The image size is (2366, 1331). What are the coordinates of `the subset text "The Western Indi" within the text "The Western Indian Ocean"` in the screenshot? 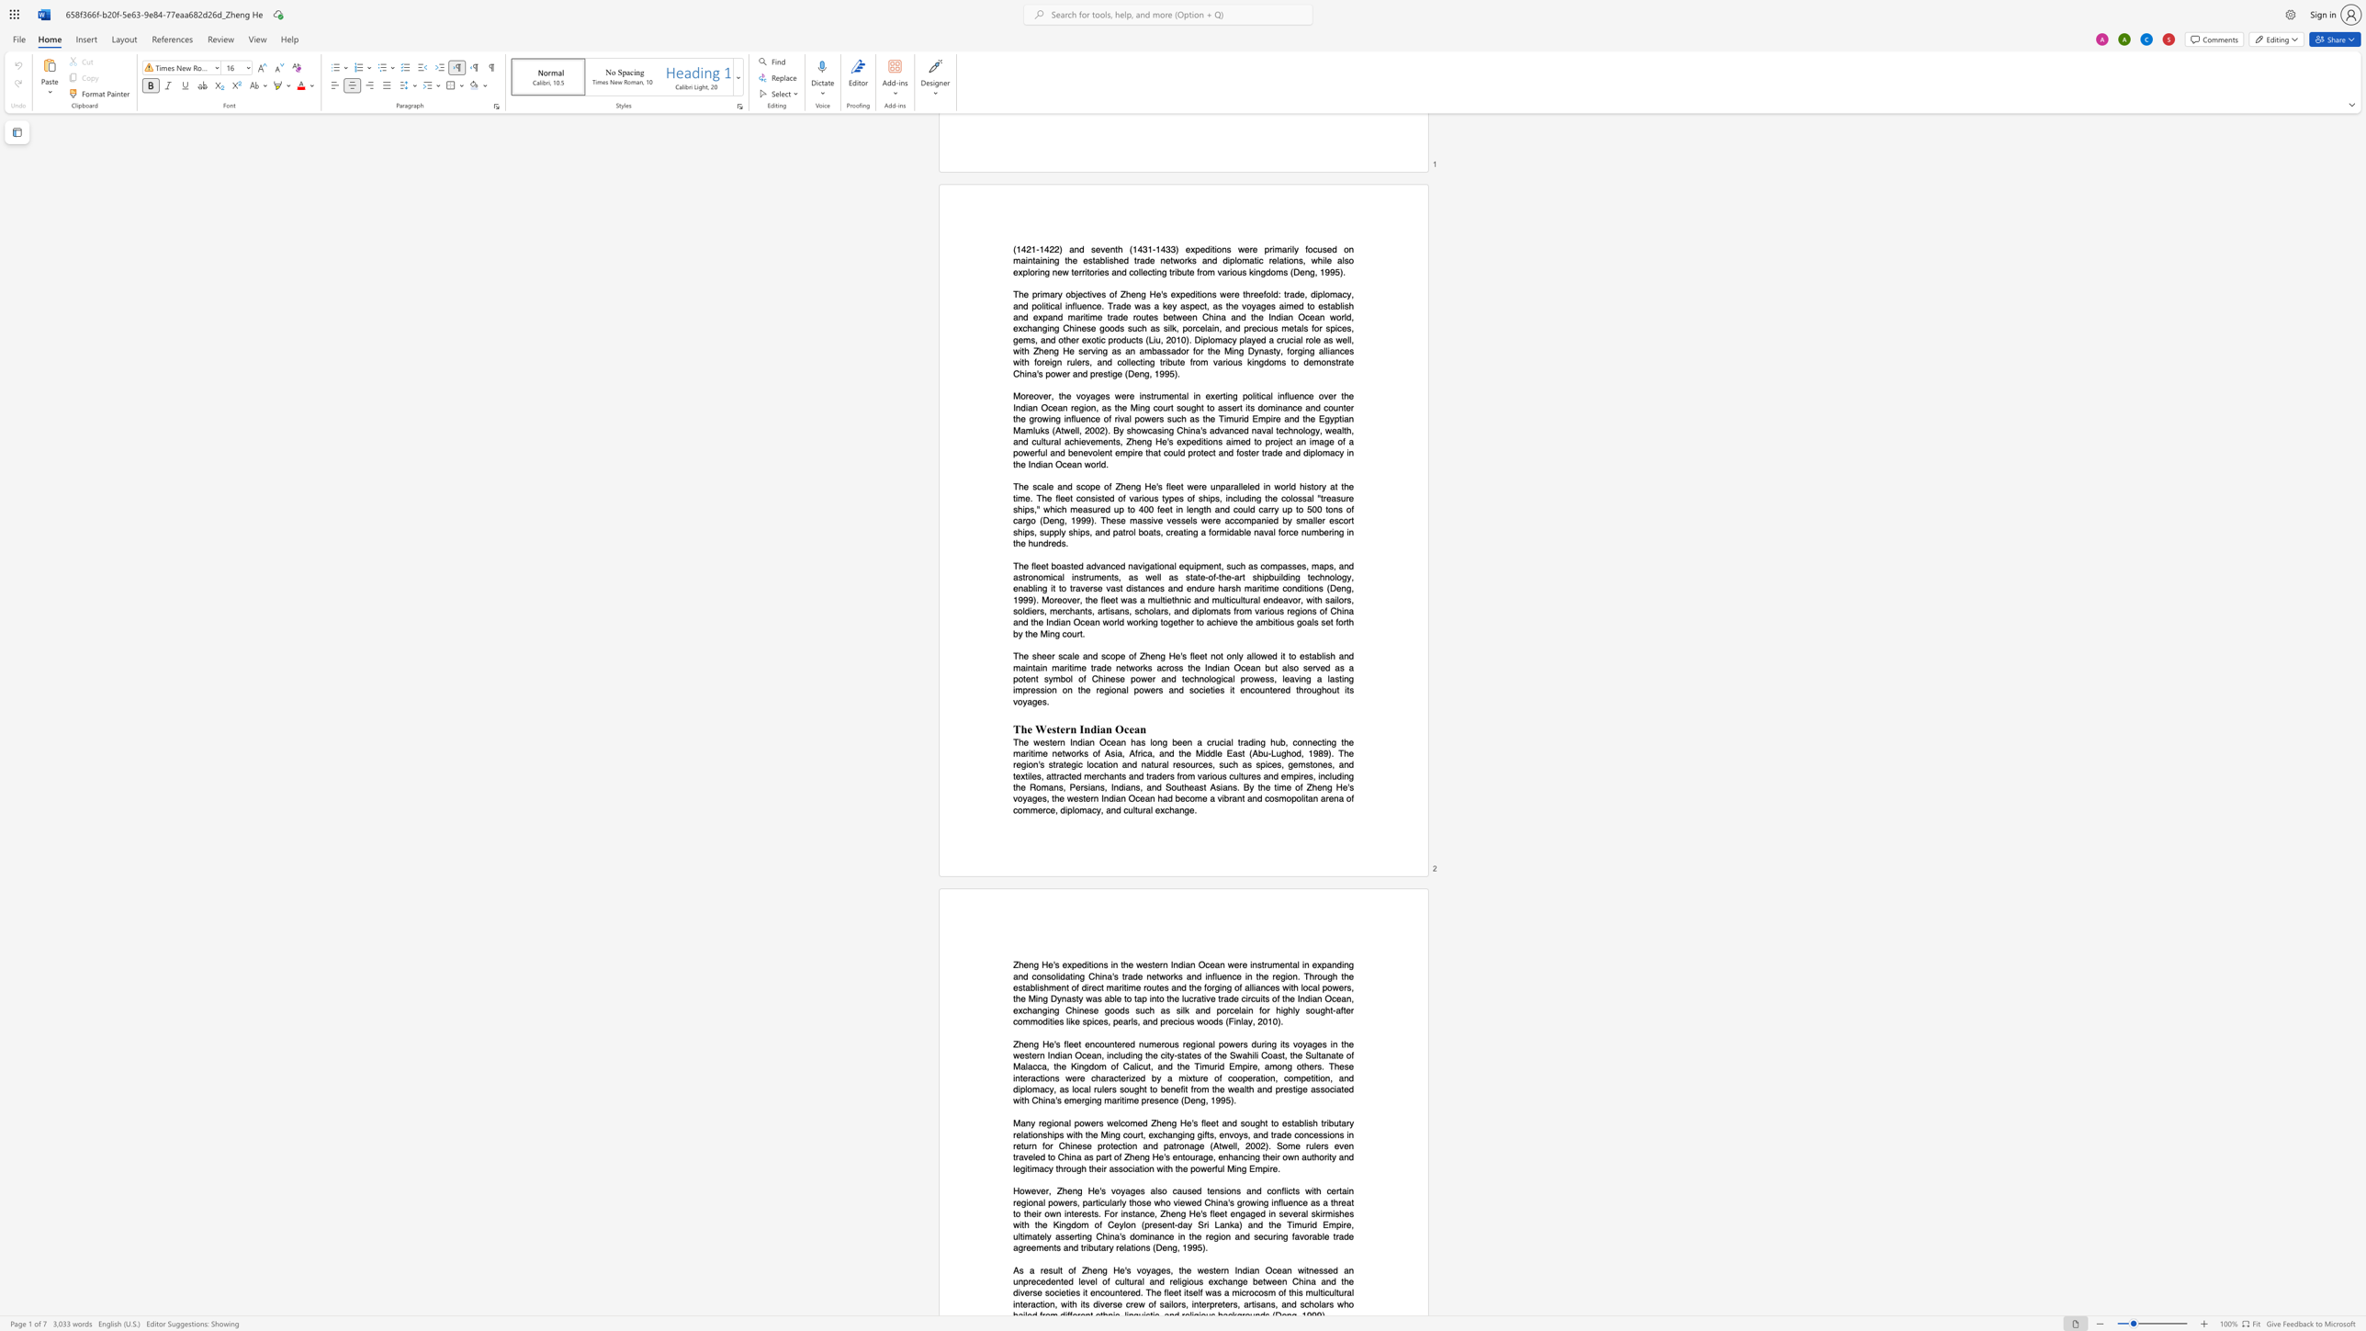 It's located at (1013, 728).